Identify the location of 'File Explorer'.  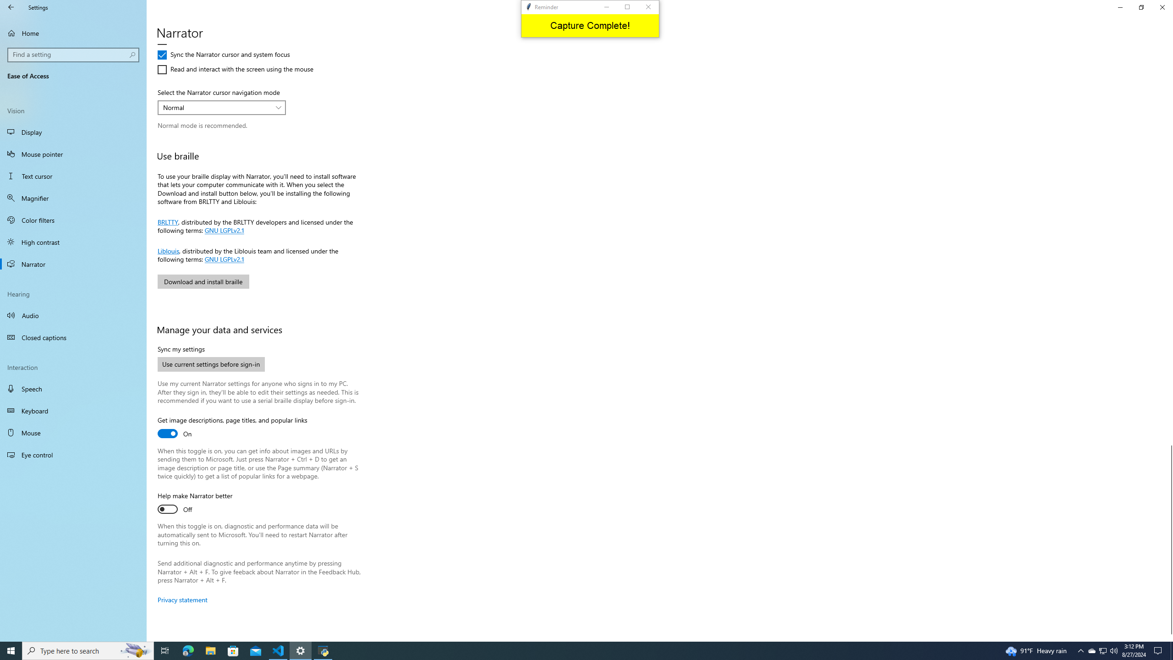
(210, 650).